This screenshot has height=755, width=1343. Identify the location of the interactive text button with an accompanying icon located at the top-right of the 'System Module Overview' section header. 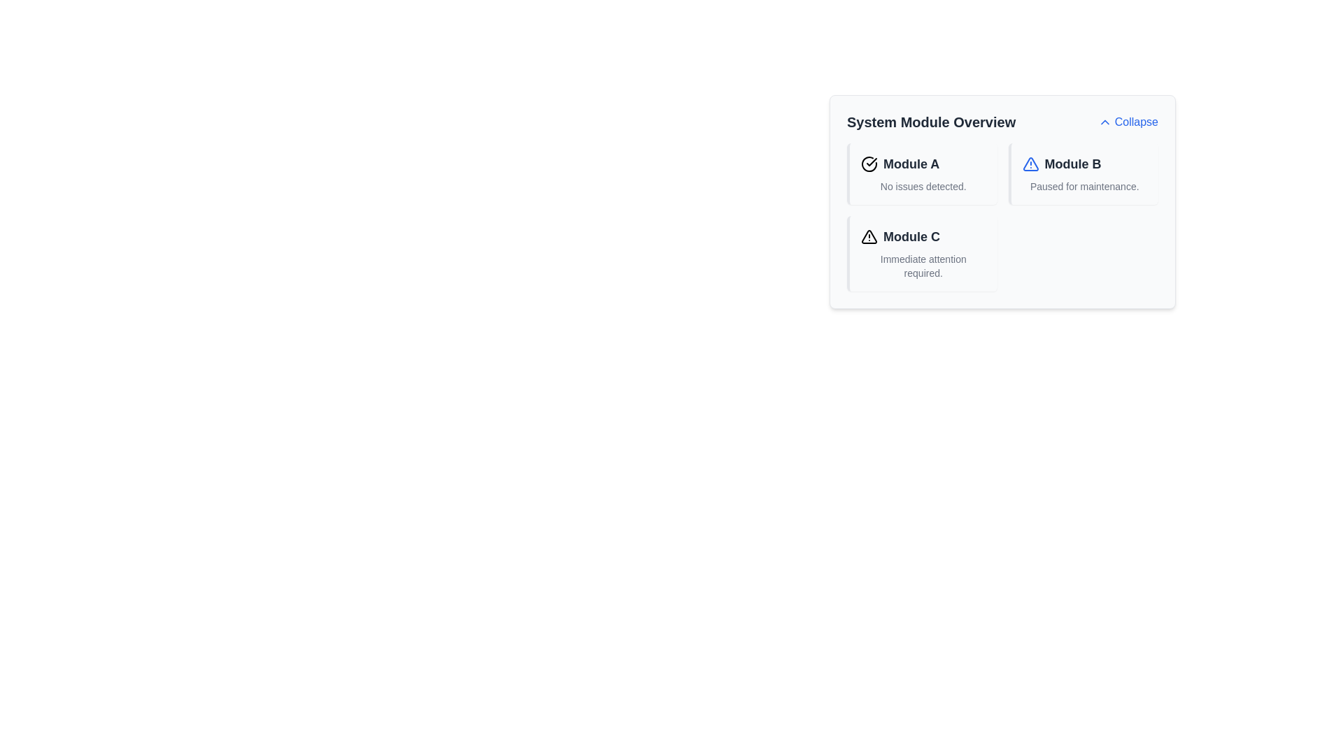
(1128, 121).